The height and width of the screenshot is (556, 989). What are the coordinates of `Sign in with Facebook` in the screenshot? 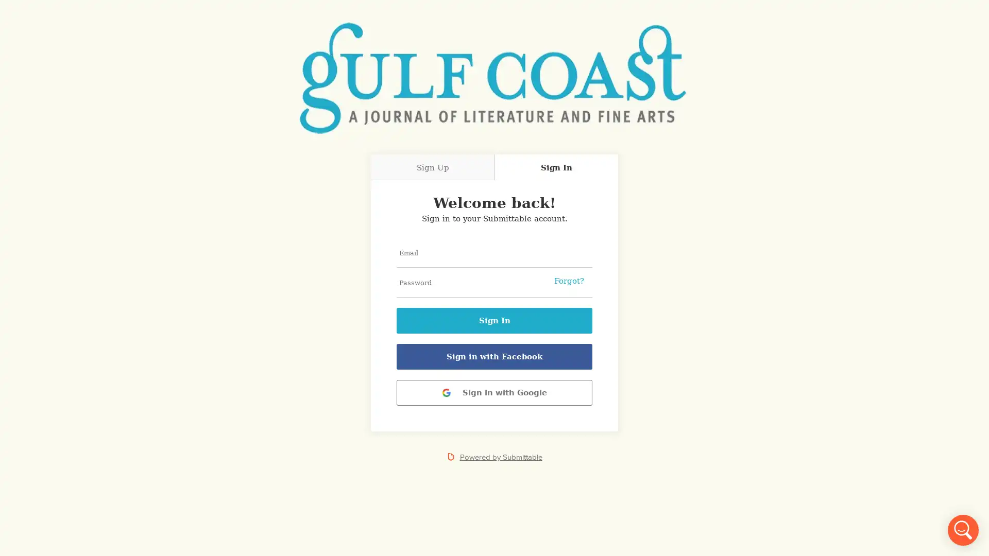 It's located at (494, 356).